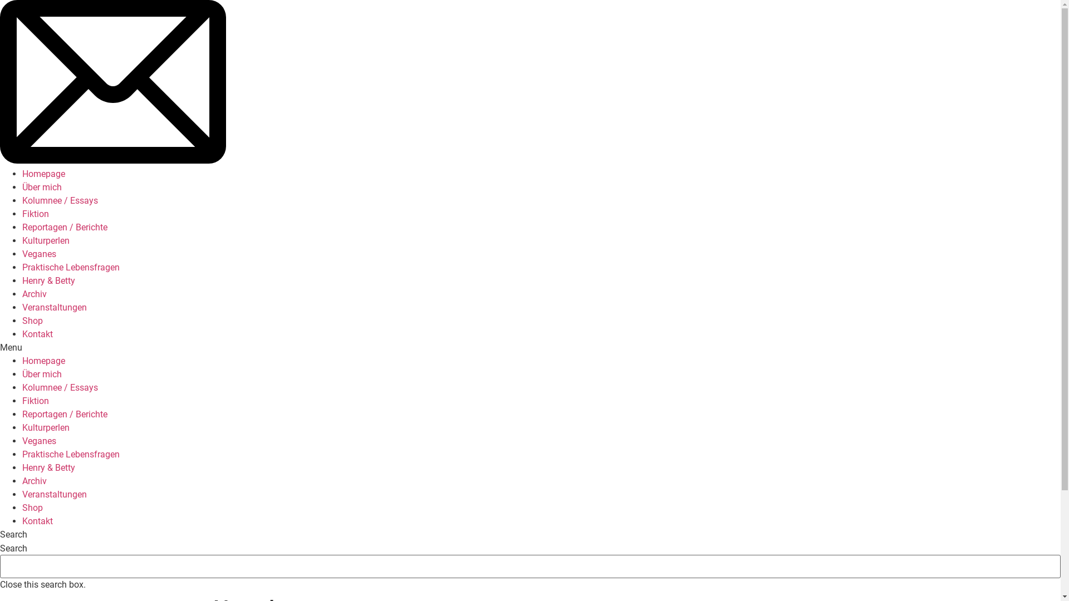 This screenshot has width=1069, height=601. What do you see at coordinates (32, 508) in the screenshot?
I see `'Shop'` at bounding box center [32, 508].